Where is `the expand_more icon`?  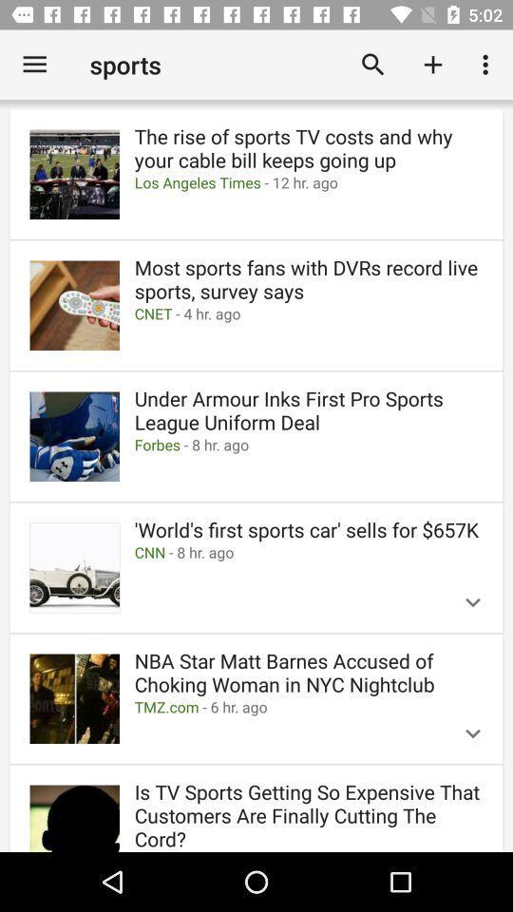
the expand_more icon is located at coordinates (471, 732).